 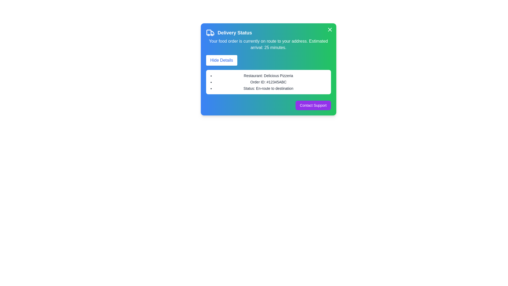 What do you see at coordinates (329, 29) in the screenshot?
I see `the close button at the top-right corner of the delivery status alert to hide it` at bounding box center [329, 29].